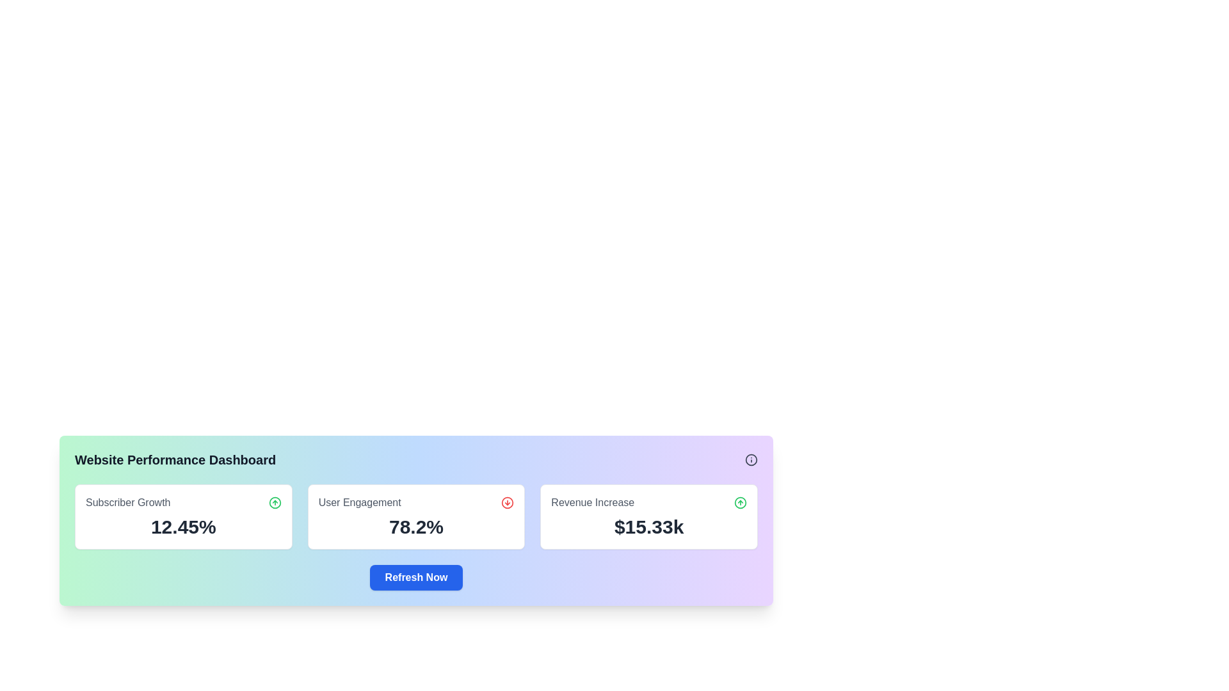 The image size is (1229, 691). I want to click on displayed percentage value for the 'User Engagement' metric located centrally near the bottom of the card in the second column of the dashboard, so click(416, 527).